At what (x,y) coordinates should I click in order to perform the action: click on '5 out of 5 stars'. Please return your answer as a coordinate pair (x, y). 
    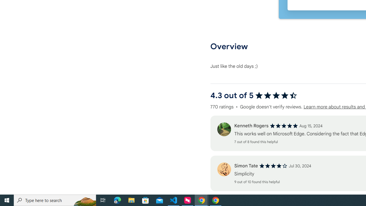
    Looking at the image, I should click on (284, 126).